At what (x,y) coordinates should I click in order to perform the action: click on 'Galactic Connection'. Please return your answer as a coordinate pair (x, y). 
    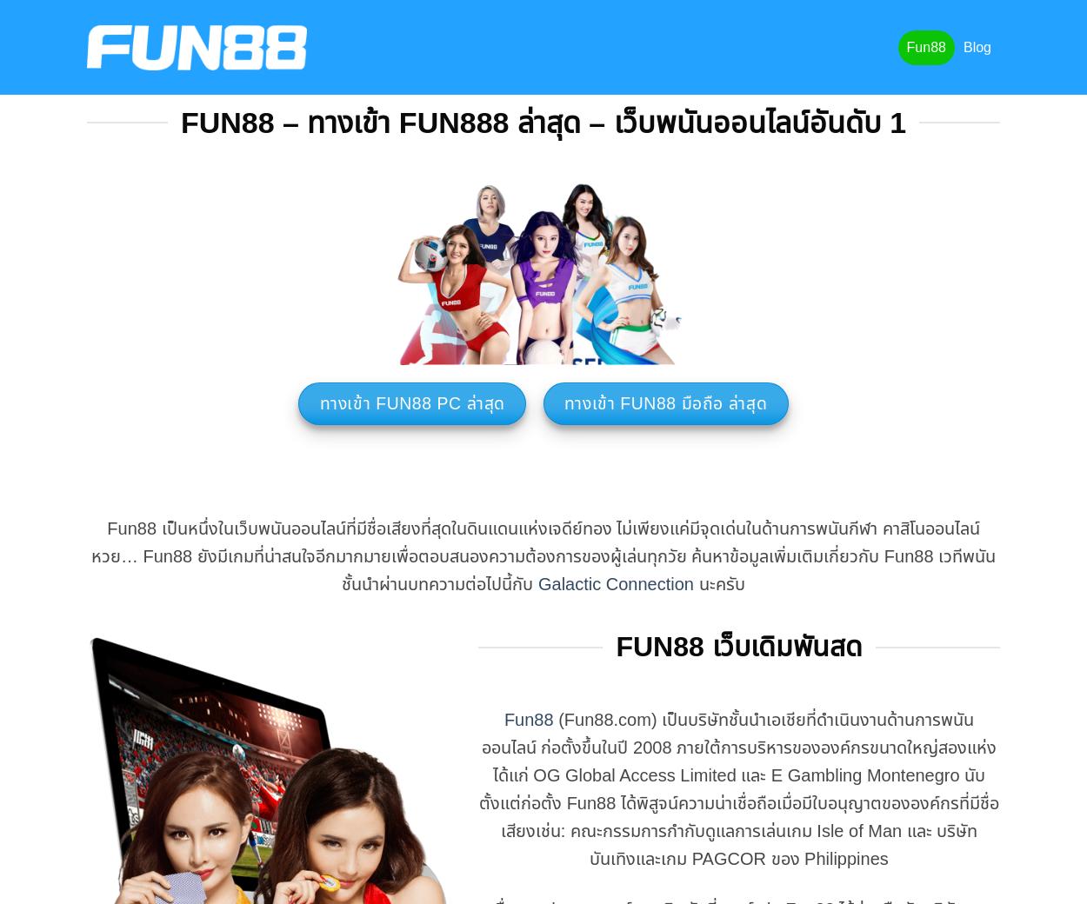
    Looking at the image, I should click on (615, 584).